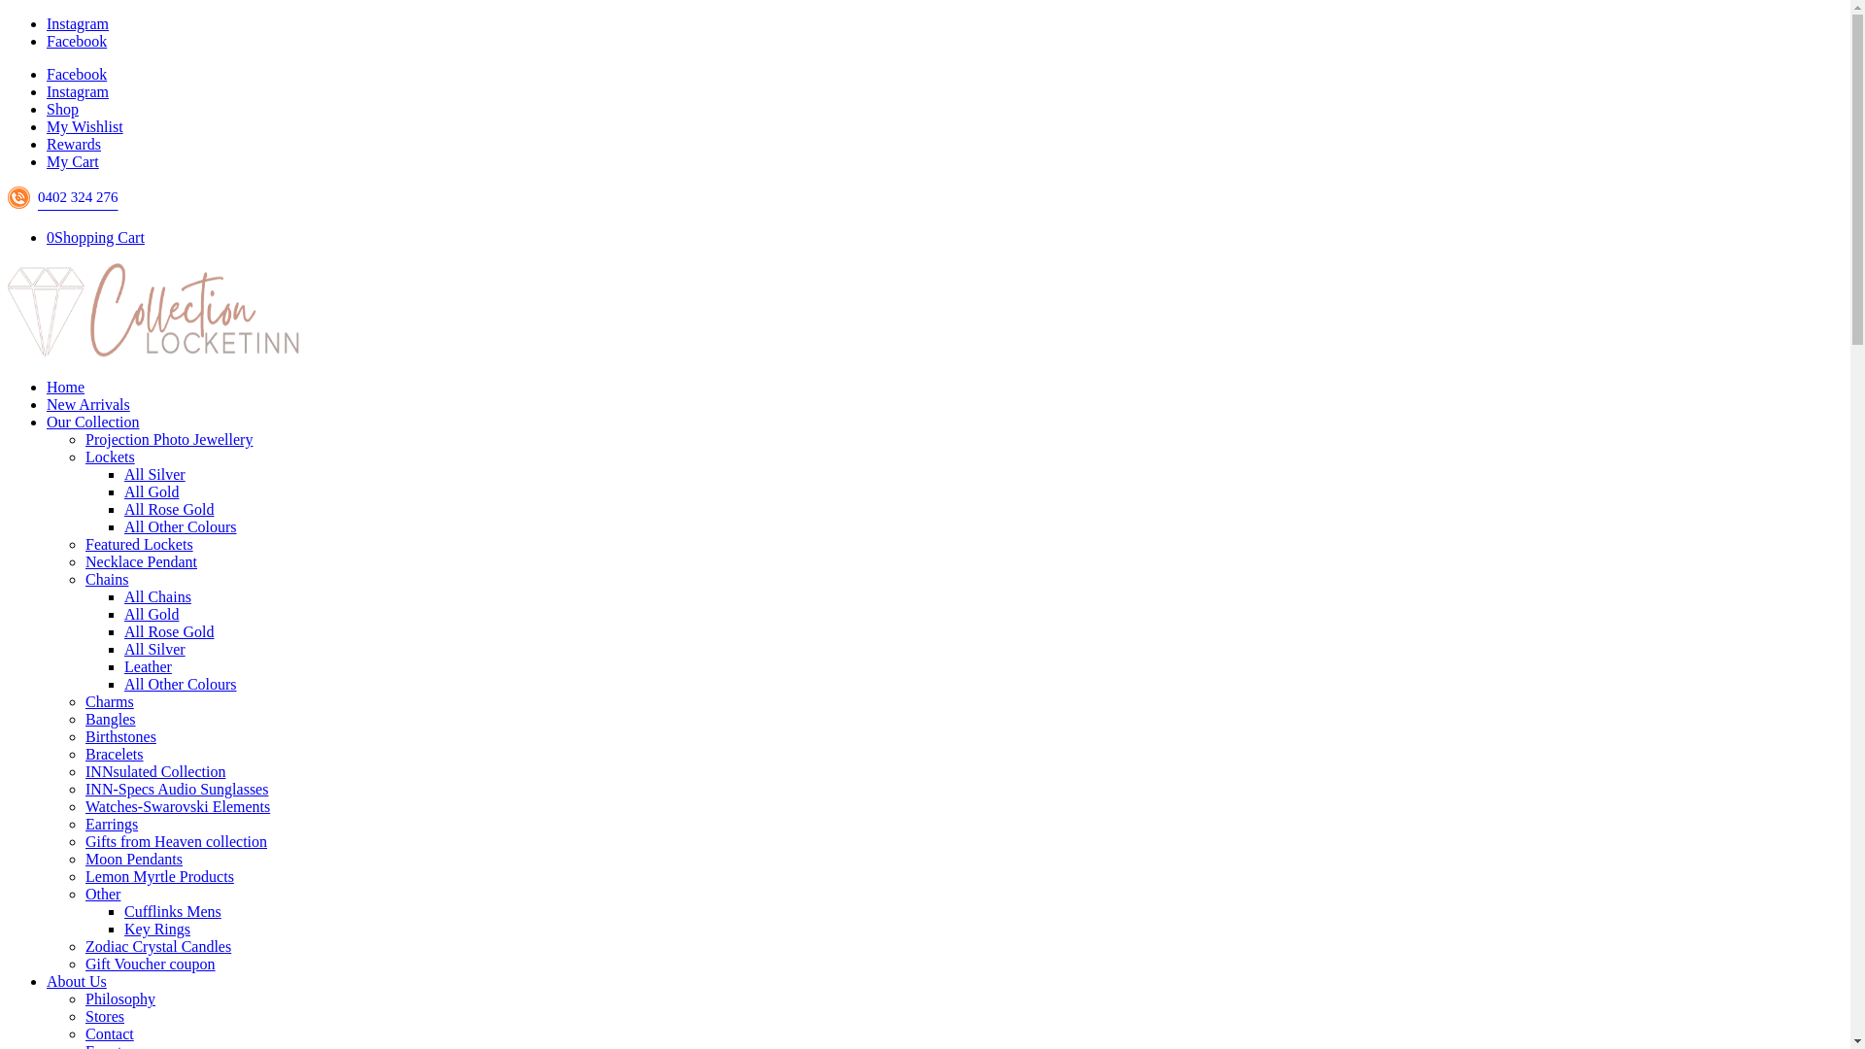 This screenshot has height=1049, width=1865. What do you see at coordinates (153, 310) in the screenshot?
I see `'locketinn_collections_logo3'` at bounding box center [153, 310].